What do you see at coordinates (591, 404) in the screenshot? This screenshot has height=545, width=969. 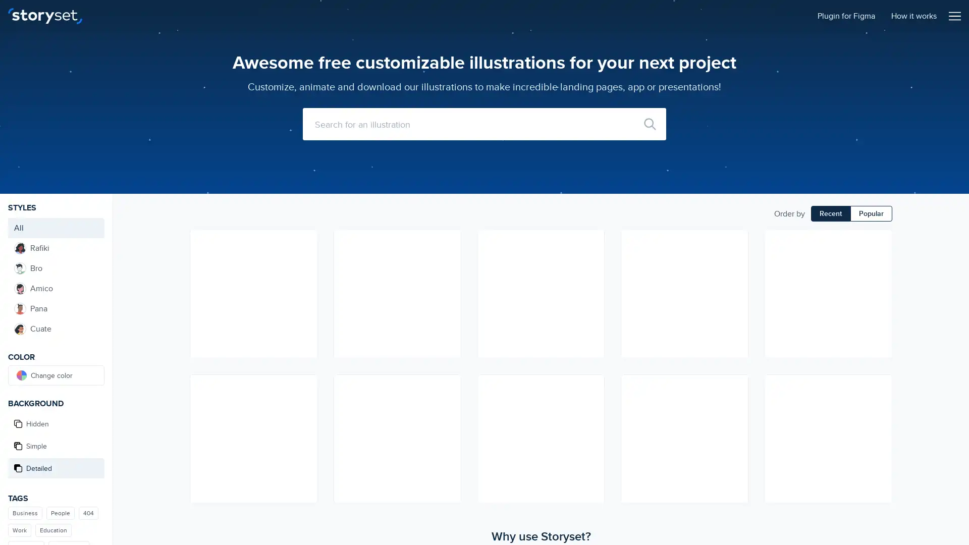 I see `download icon Download` at bounding box center [591, 404].